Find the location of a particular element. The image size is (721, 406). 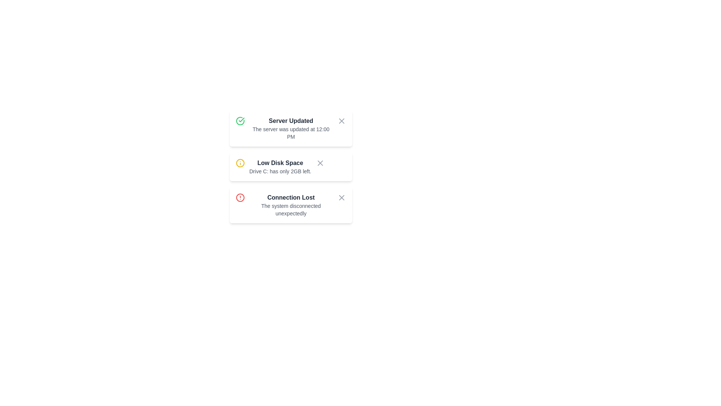

the small 'X' icon in the top right corner of the notification card is located at coordinates (341, 120).